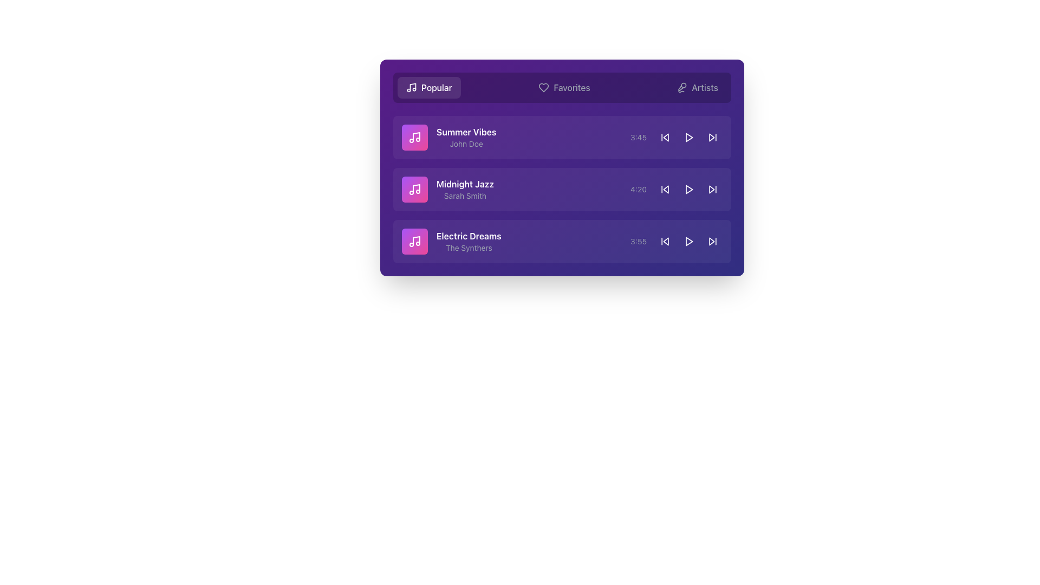 This screenshot has height=585, width=1040. I want to click on the Interactive Button used to rewind or move to the previous track in the music control row for the second track, so click(665, 189).